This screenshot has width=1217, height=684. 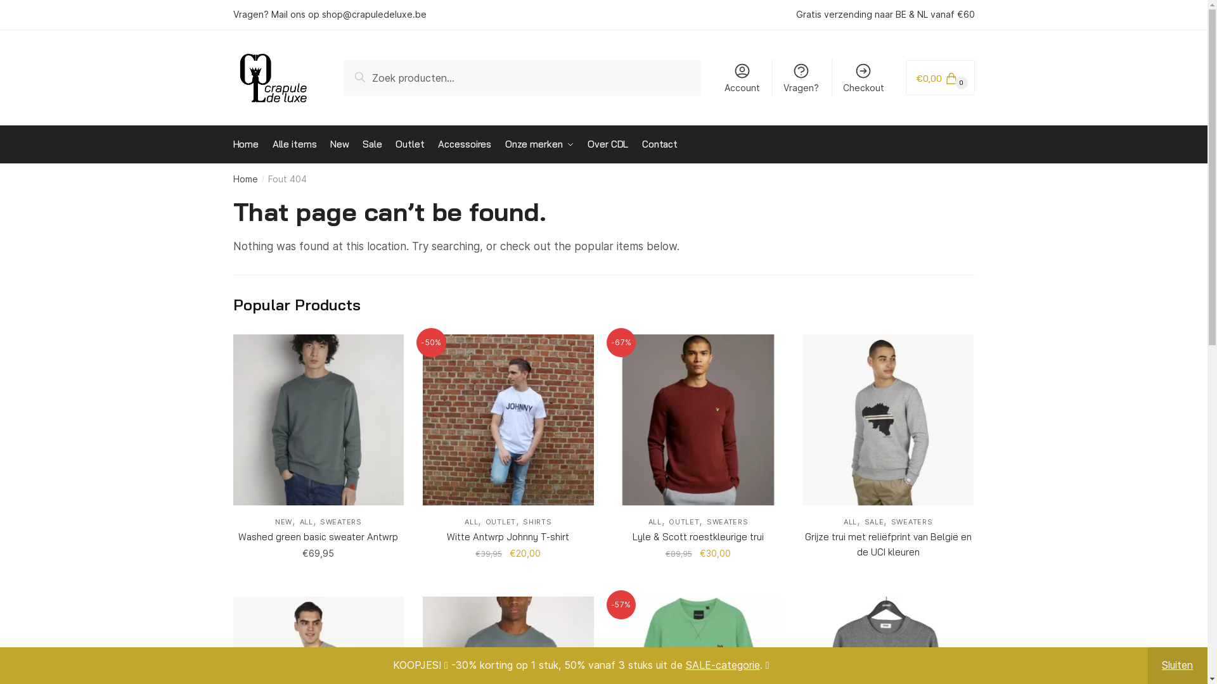 What do you see at coordinates (319, 537) in the screenshot?
I see `'Washed green basic sweater Antwrp'` at bounding box center [319, 537].